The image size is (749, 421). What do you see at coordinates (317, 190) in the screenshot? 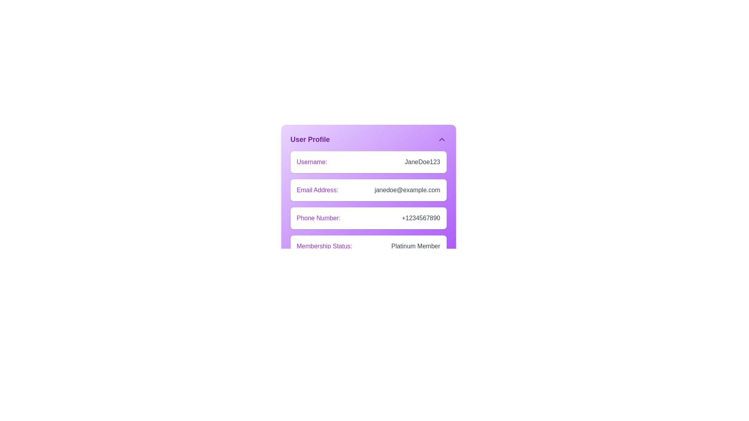
I see `the label element displaying 'Email Address:' in a purple font, which is positioned before the email text 'janedoe@example.com' within the user profile card layout` at bounding box center [317, 190].